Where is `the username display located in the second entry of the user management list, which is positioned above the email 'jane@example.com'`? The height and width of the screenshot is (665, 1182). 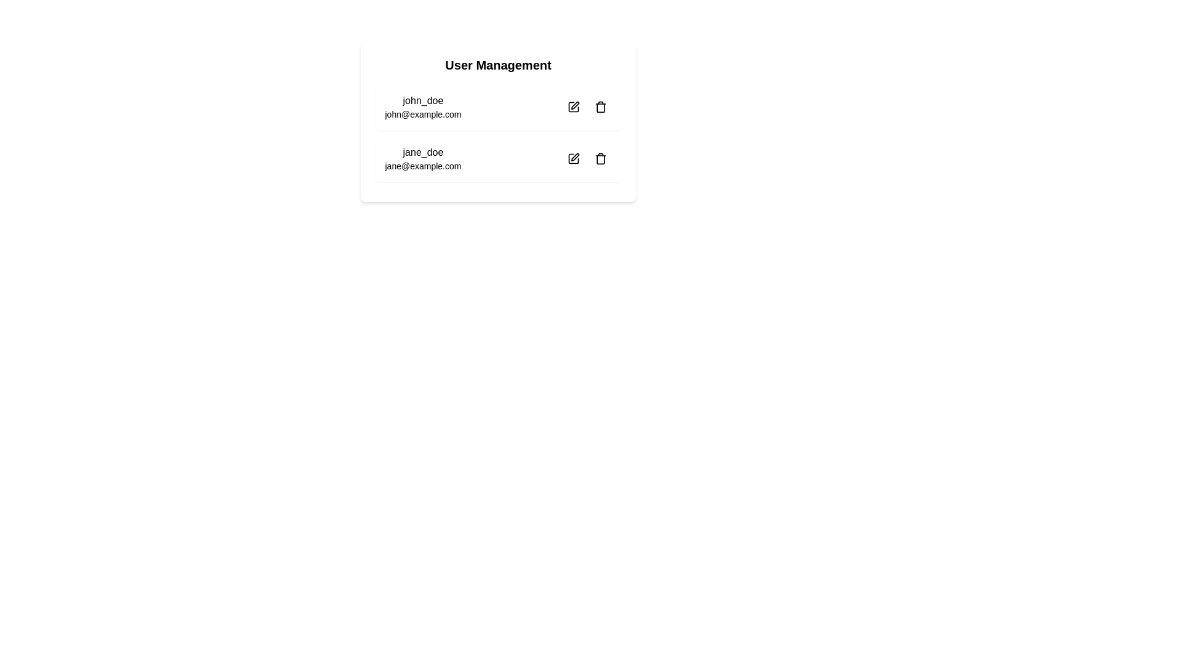 the username display located in the second entry of the user management list, which is positioned above the email 'jane@example.com' is located at coordinates (423, 151).